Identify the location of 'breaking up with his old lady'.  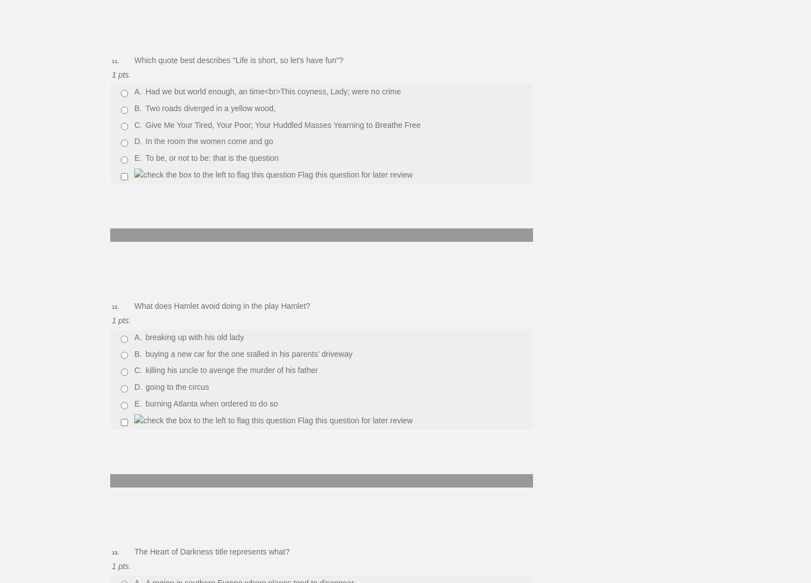
(195, 337).